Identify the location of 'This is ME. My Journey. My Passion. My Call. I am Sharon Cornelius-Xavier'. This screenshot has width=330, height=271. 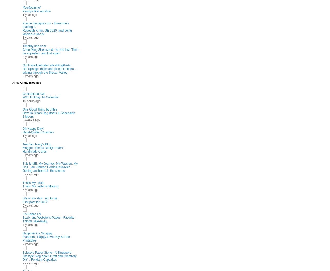
(50, 165).